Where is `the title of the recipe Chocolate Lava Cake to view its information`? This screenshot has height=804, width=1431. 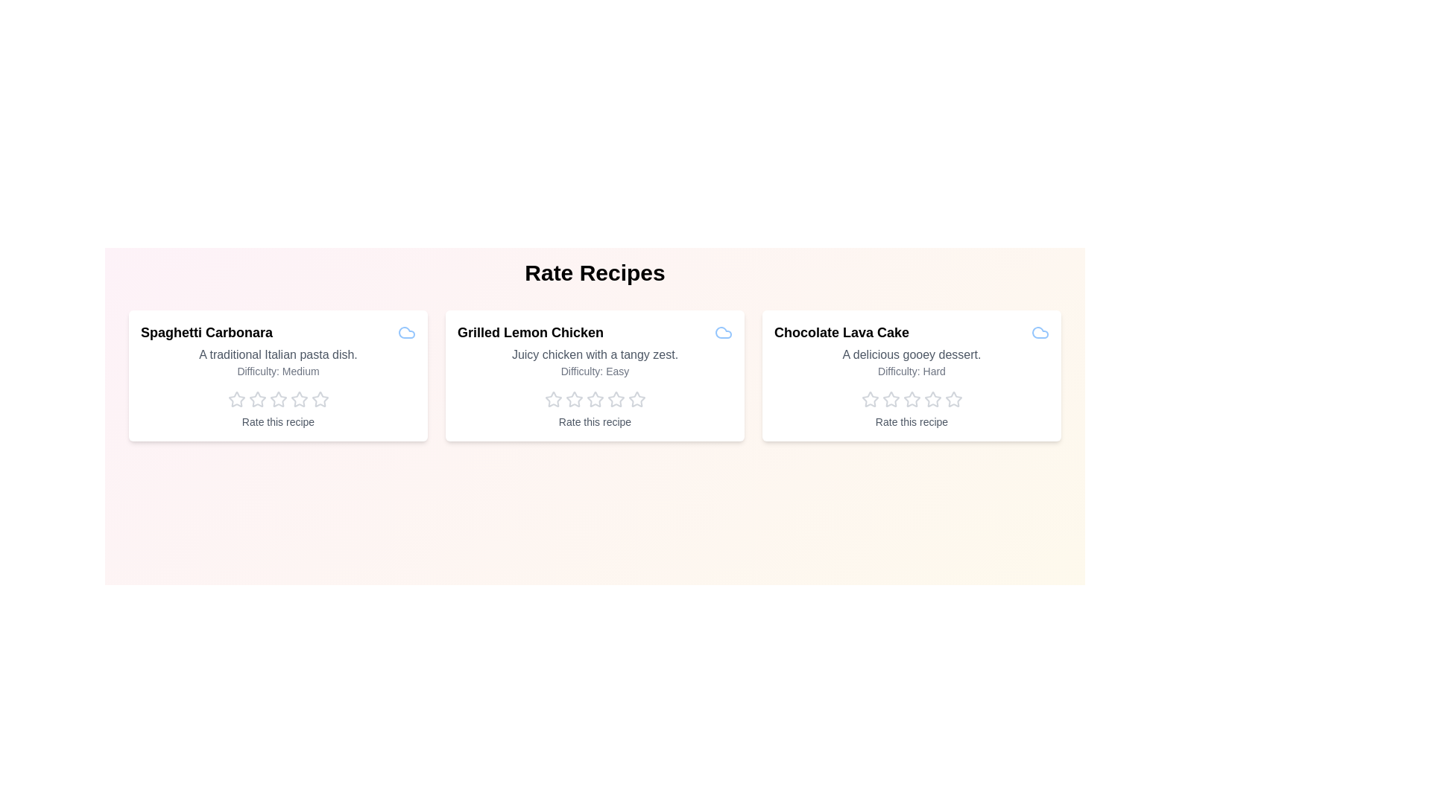
the title of the recipe Chocolate Lava Cake to view its information is located at coordinates (841, 332).